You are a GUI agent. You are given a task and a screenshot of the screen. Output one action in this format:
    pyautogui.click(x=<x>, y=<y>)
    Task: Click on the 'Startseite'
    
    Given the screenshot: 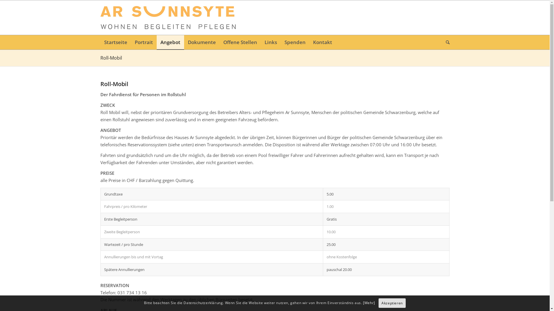 What is the action you would take?
    pyautogui.click(x=100, y=42)
    